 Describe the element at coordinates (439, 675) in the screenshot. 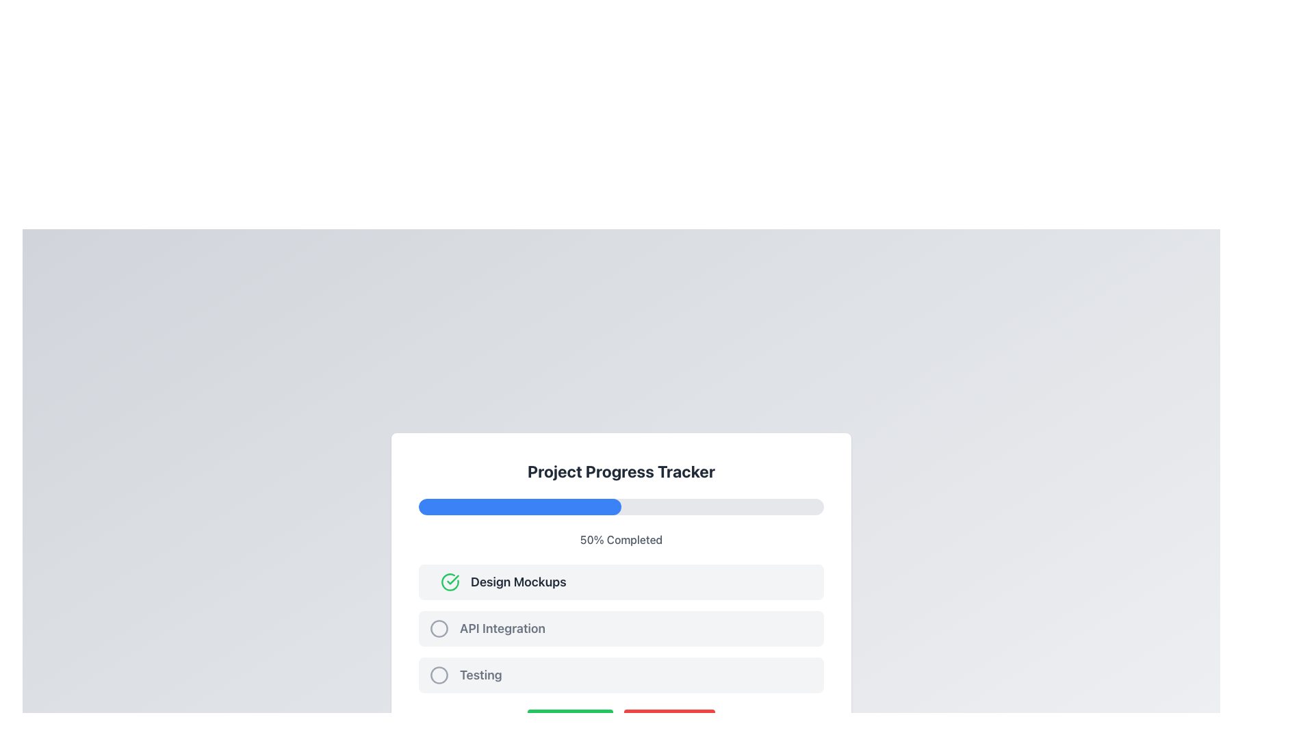

I see `the leftmost circular icon with a gray outline in the 'Testing' row, which serves as a status or selection indicator` at that location.